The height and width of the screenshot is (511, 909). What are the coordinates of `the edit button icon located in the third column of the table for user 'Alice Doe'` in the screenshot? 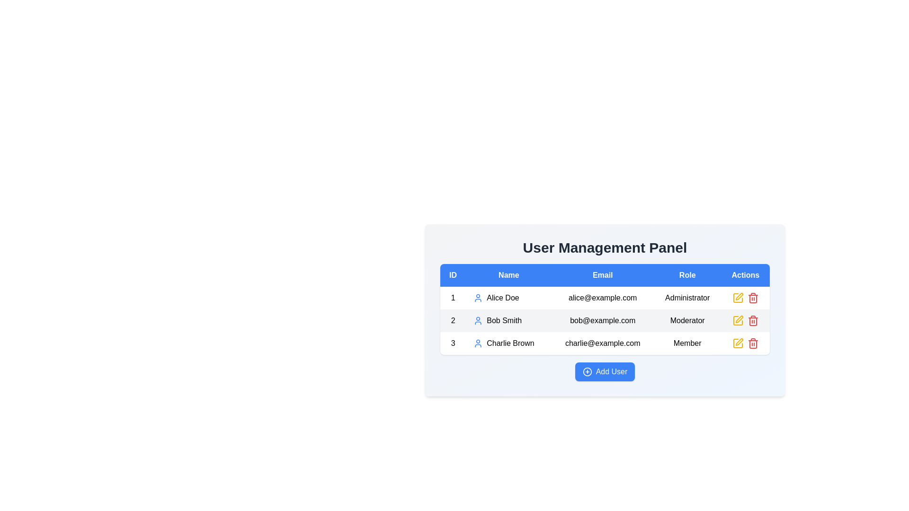 It's located at (737, 297).